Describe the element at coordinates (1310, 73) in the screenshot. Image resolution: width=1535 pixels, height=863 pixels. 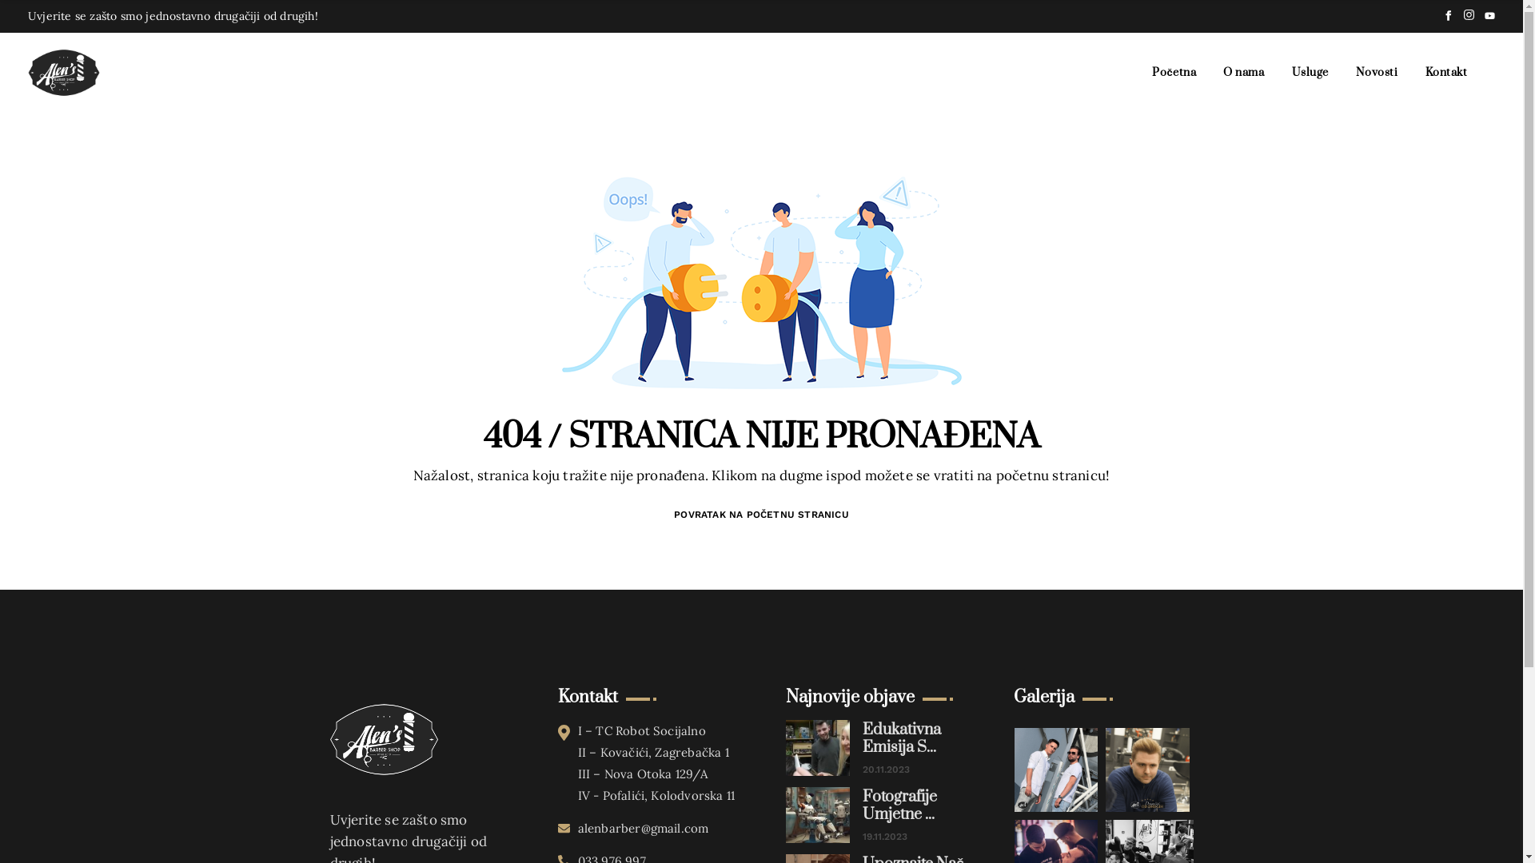
I see `'Usluge'` at that location.